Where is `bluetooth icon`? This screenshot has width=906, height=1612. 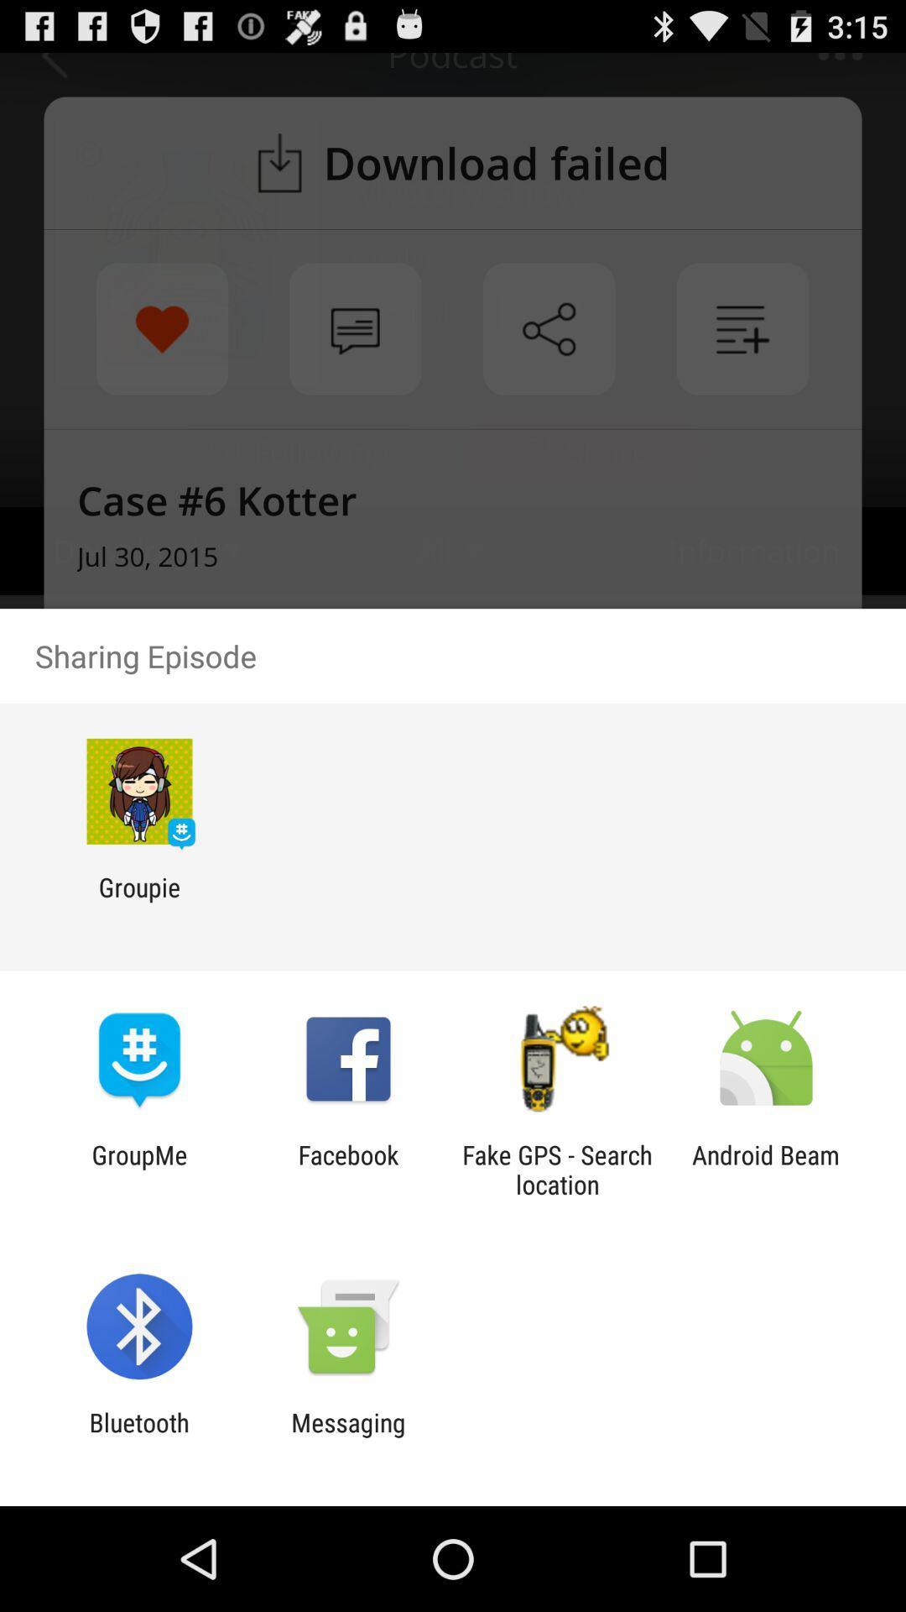 bluetooth icon is located at coordinates (138, 1437).